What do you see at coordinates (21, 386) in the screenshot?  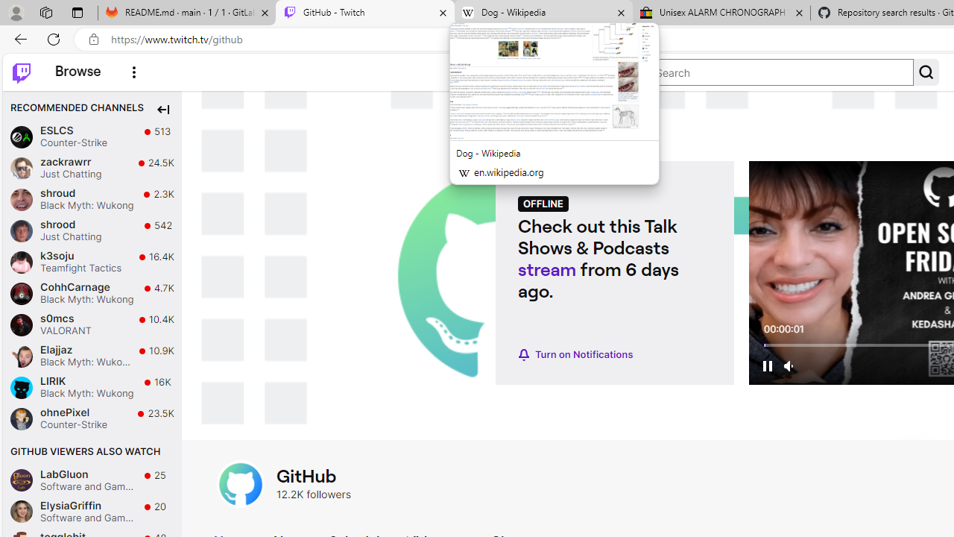 I see `'LIRIK'` at bounding box center [21, 386].